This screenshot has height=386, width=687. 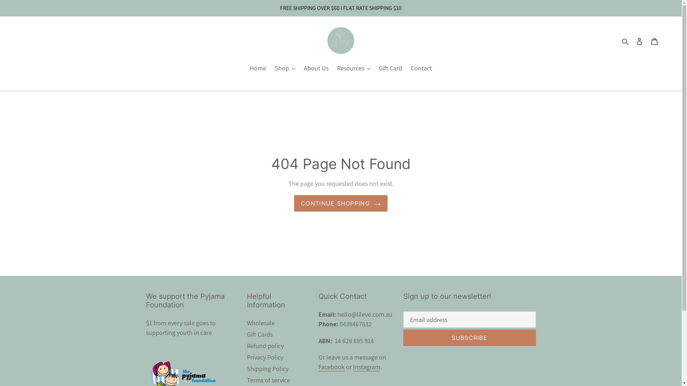 I want to click on 'Resources', so click(x=333, y=68).